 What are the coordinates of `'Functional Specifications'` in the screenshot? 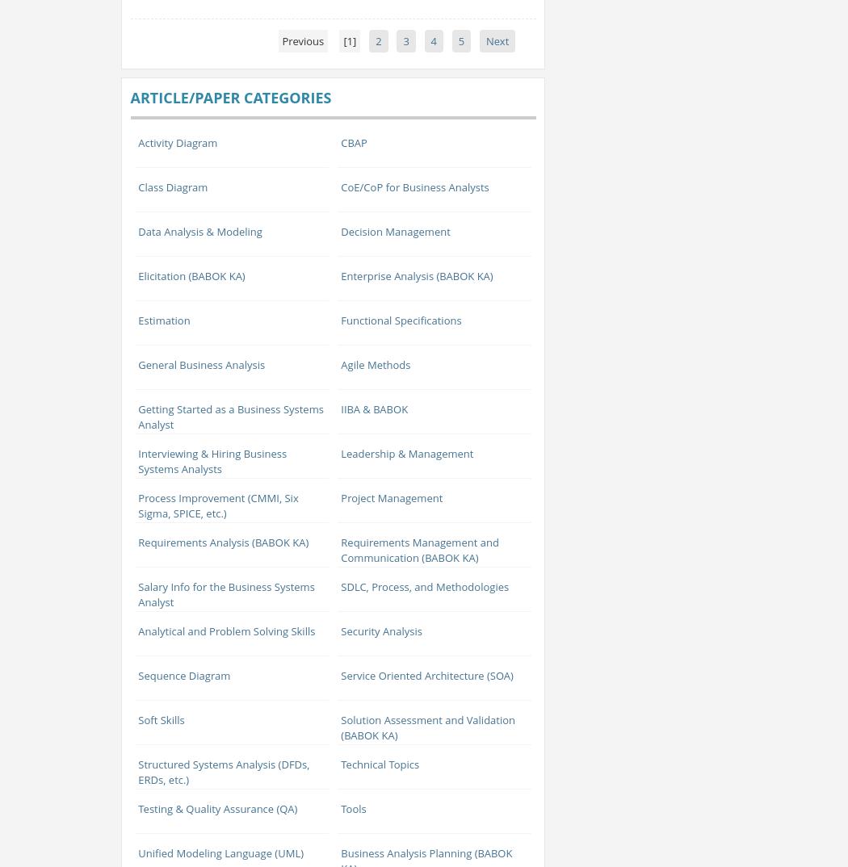 It's located at (400, 319).